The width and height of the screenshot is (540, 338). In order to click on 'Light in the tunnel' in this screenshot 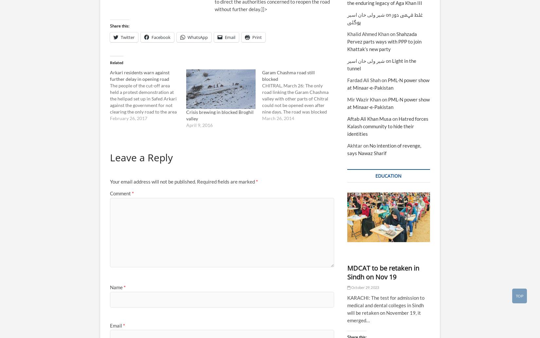, I will do `click(381, 64)`.